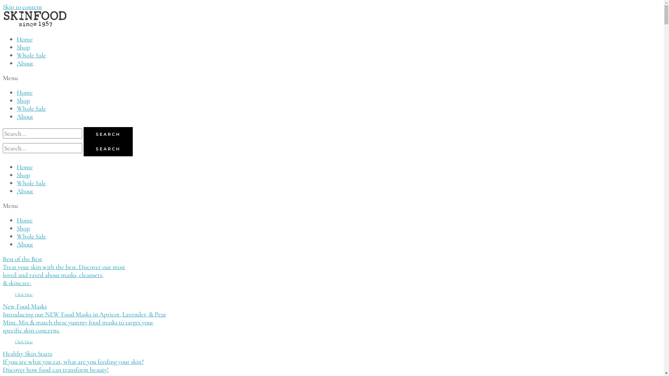  I want to click on 'Shop', so click(23, 100).